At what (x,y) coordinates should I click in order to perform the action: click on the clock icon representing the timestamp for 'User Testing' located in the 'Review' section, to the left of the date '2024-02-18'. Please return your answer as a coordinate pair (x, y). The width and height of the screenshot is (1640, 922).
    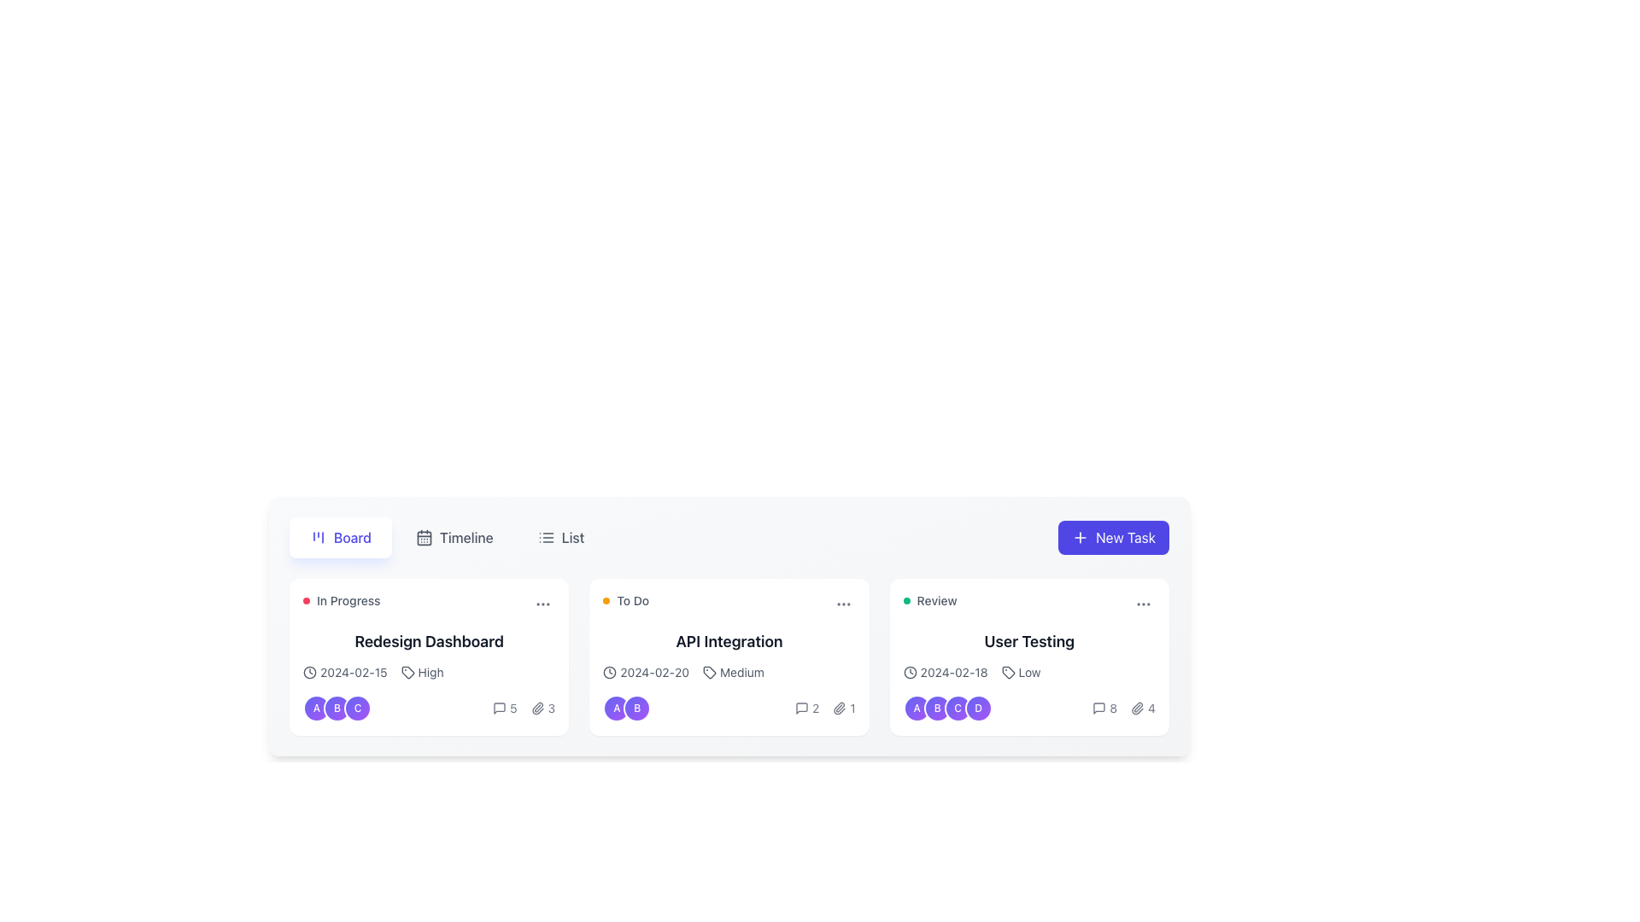
    Looking at the image, I should click on (909, 671).